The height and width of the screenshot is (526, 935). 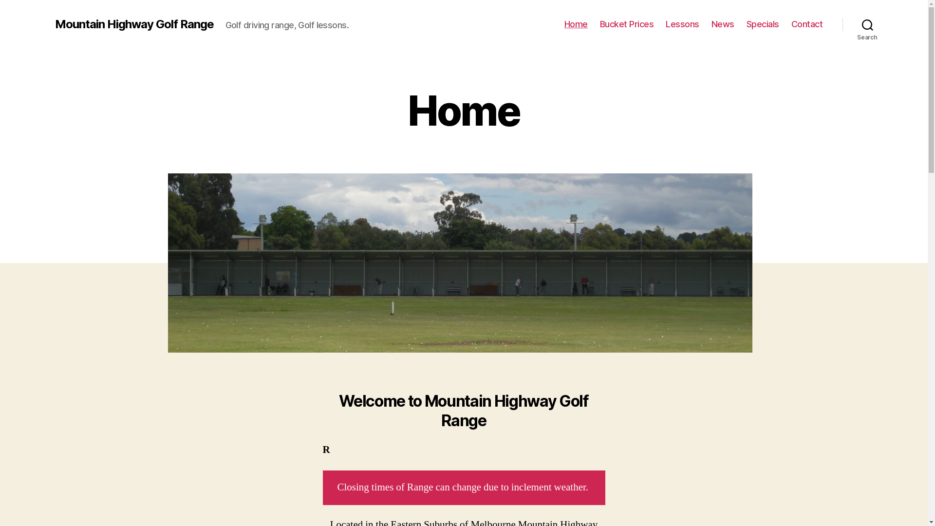 I want to click on 'Lessons', so click(x=682, y=24).